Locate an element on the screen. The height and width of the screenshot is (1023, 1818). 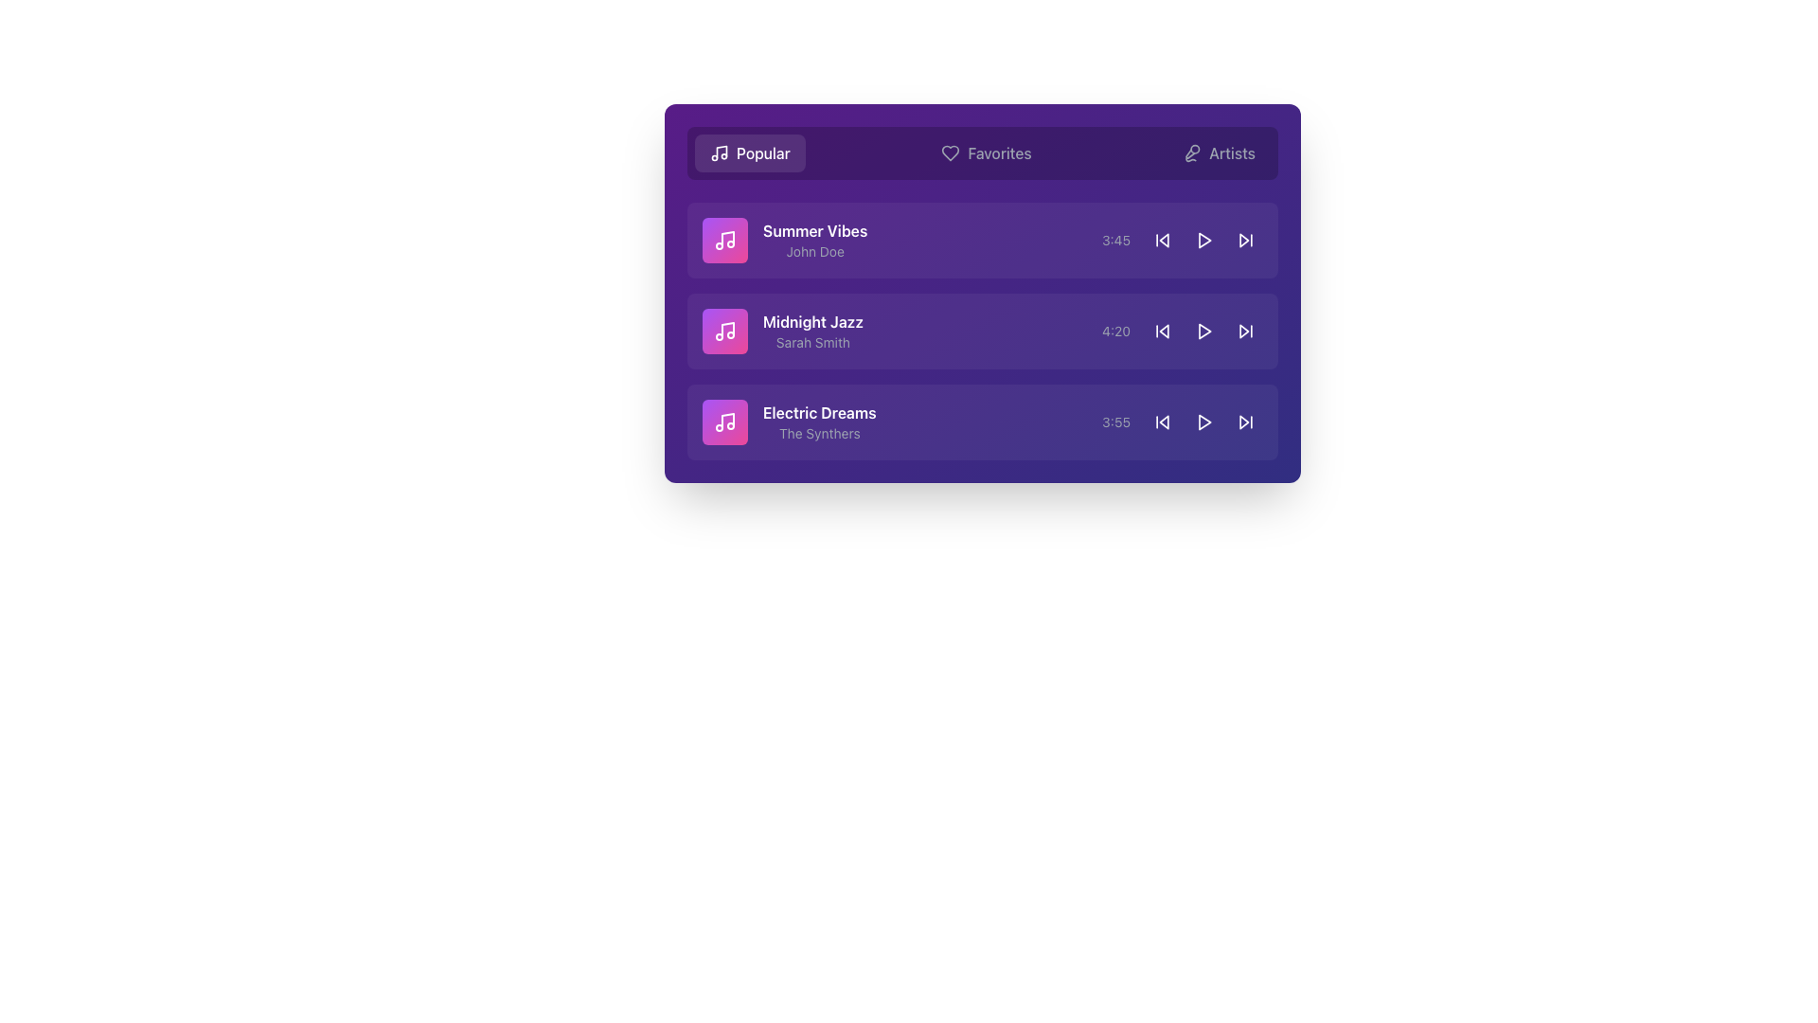
the leftward-facing triangular icon button, which is the second icon in the control bar next to the 'Electric Dreams' song item is located at coordinates (1162, 422).